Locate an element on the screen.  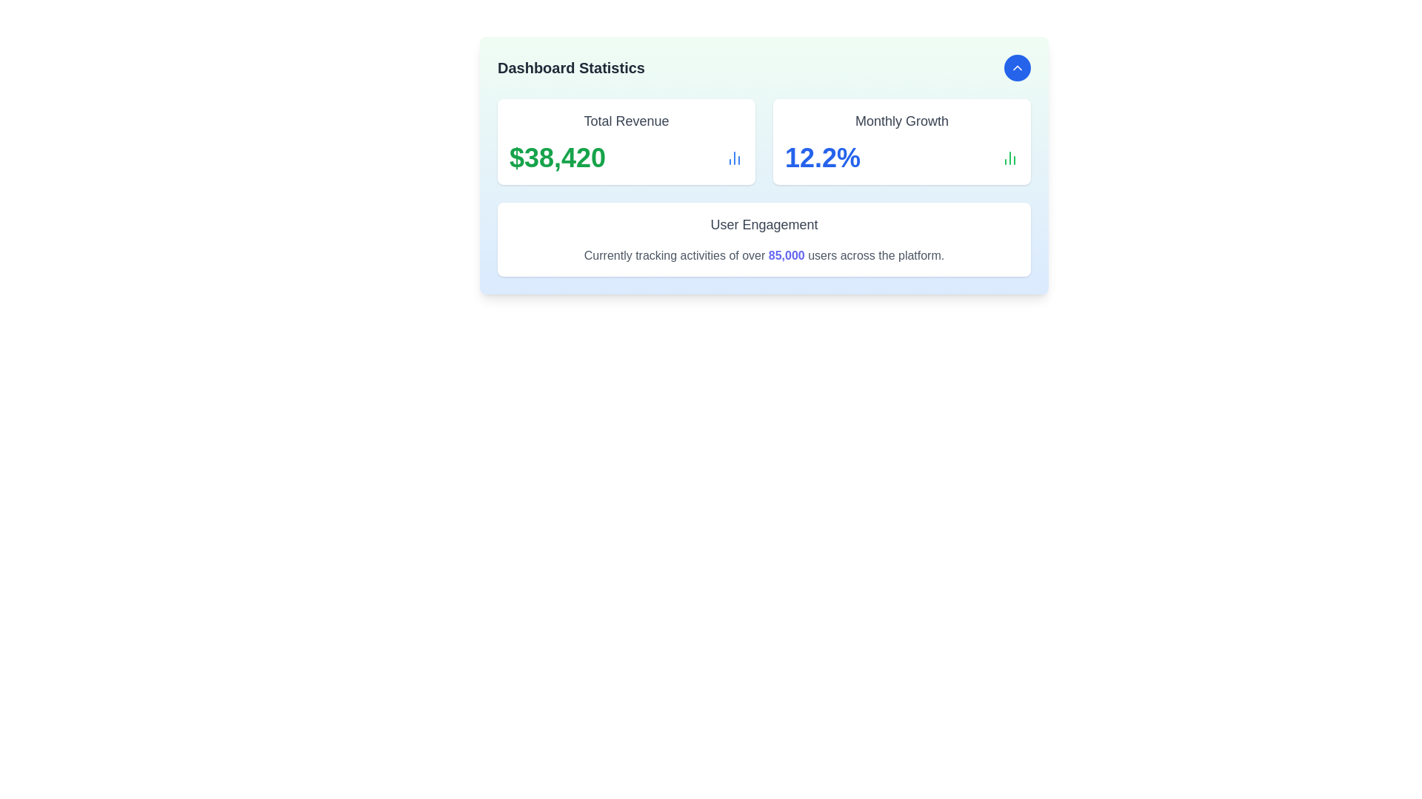
the interactive button located at the top-right corner of the 'Dashboard Statistics' section is located at coordinates (1016, 68).